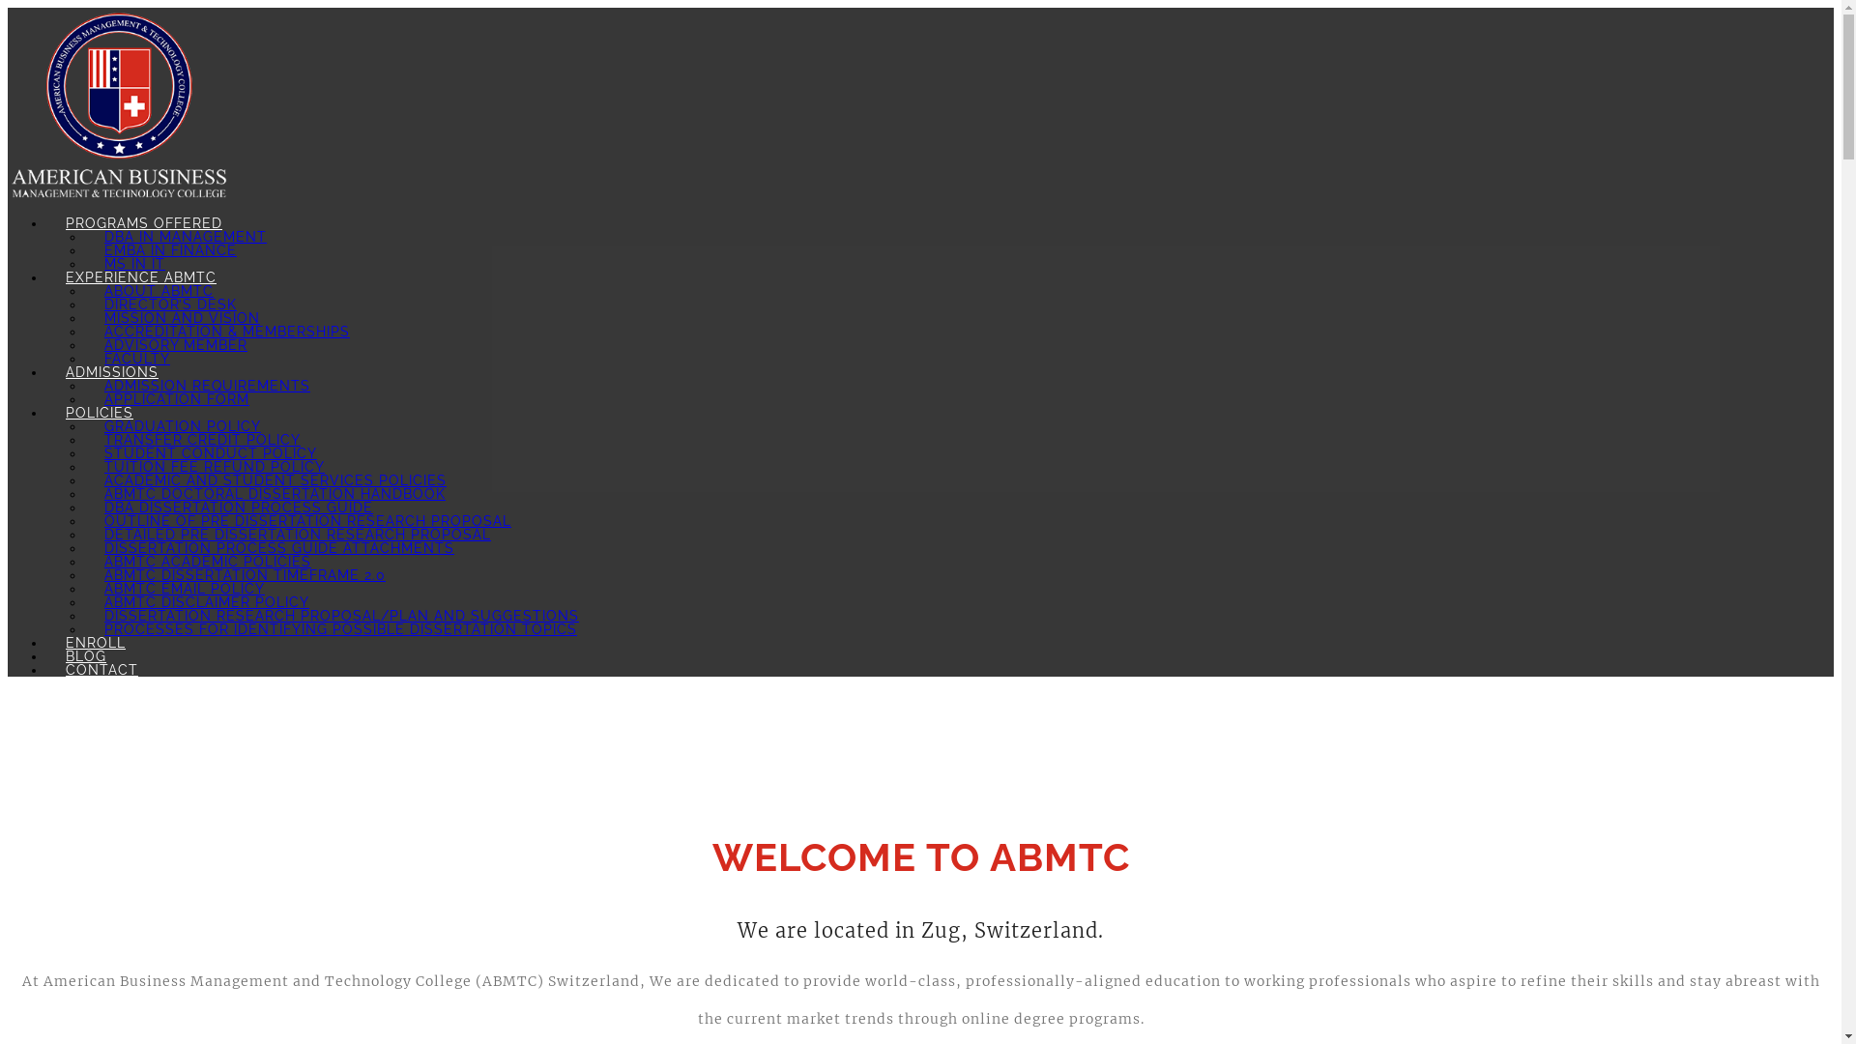 This screenshot has width=1856, height=1044. What do you see at coordinates (202, 440) in the screenshot?
I see `'TRANSFER CREDIT POLICY'` at bounding box center [202, 440].